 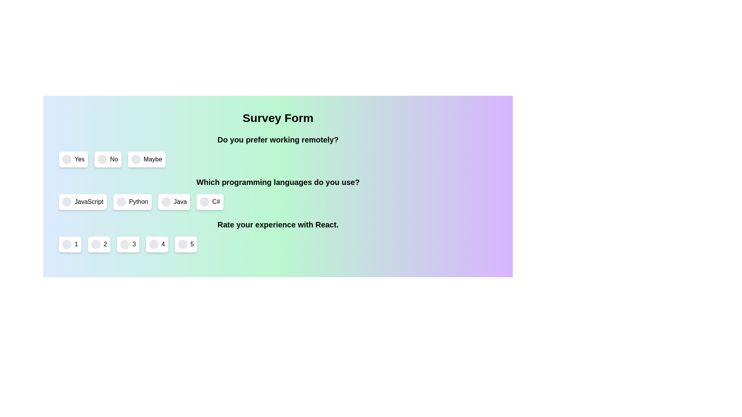 What do you see at coordinates (153, 159) in the screenshot?
I see `the static text label displaying 'Maybe', which is part of the third response option to the question about working remotely, located to the right of a circular button` at bounding box center [153, 159].